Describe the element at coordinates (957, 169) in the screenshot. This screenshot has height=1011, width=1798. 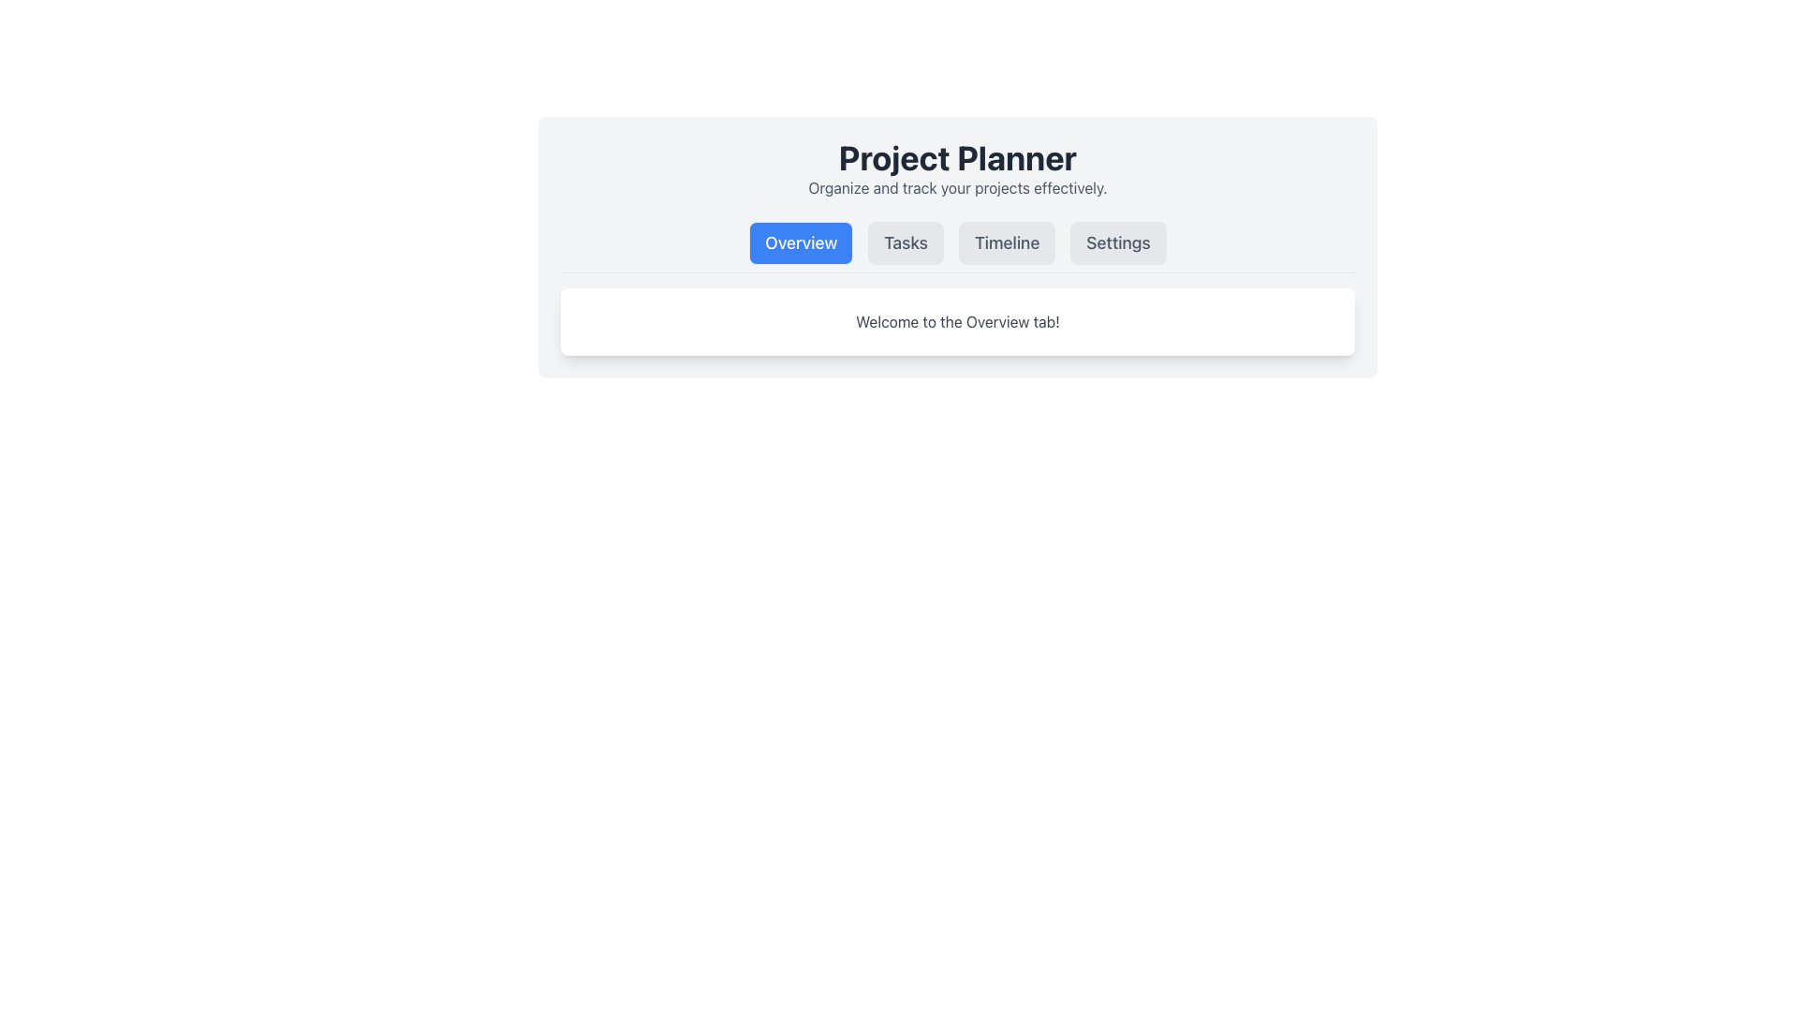
I see `text of the Header with subheading that serves as the title and initial description for the project planning tool interface` at that location.